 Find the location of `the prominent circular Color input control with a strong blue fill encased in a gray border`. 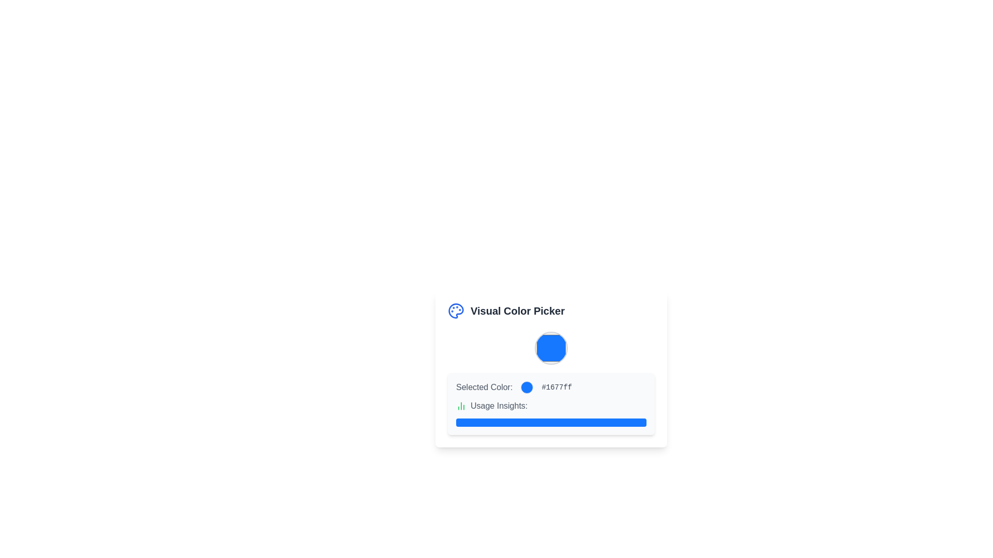

the prominent circular Color input control with a strong blue fill encased in a gray border is located at coordinates (550, 348).